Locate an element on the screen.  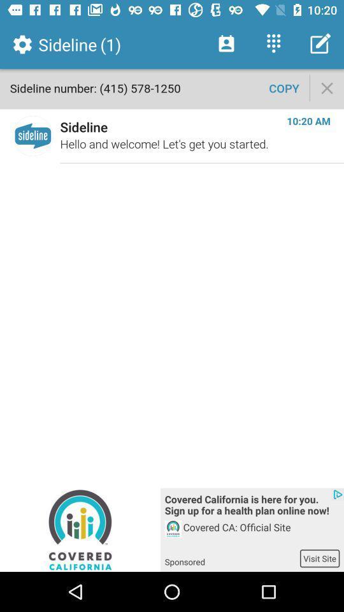
copy icon is located at coordinates (284, 87).